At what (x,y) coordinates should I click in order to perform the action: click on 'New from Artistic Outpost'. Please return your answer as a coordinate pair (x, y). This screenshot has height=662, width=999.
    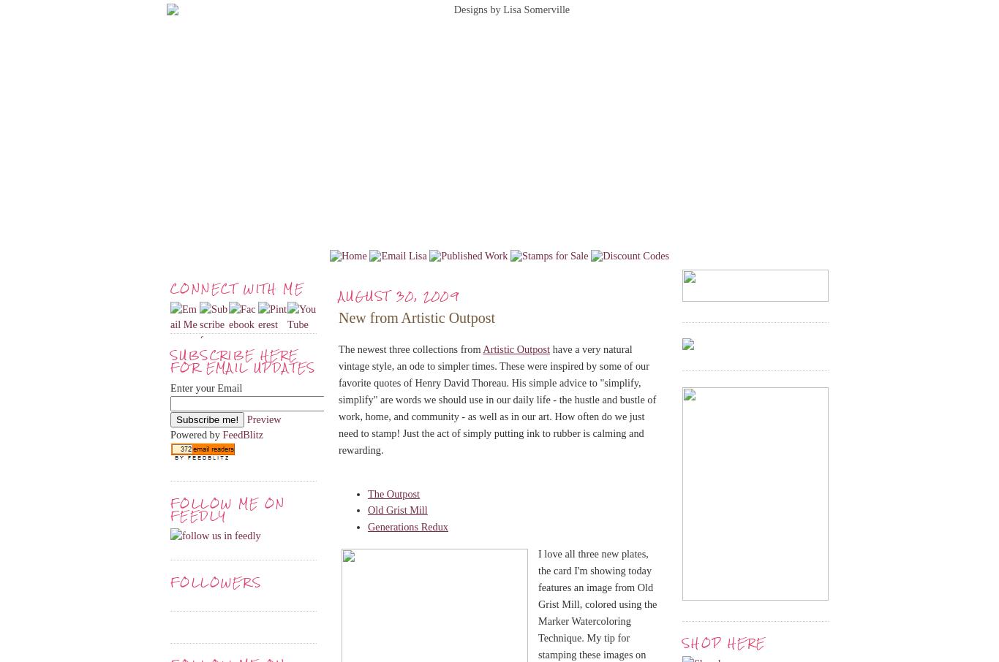
    Looking at the image, I should click on (416, 316).